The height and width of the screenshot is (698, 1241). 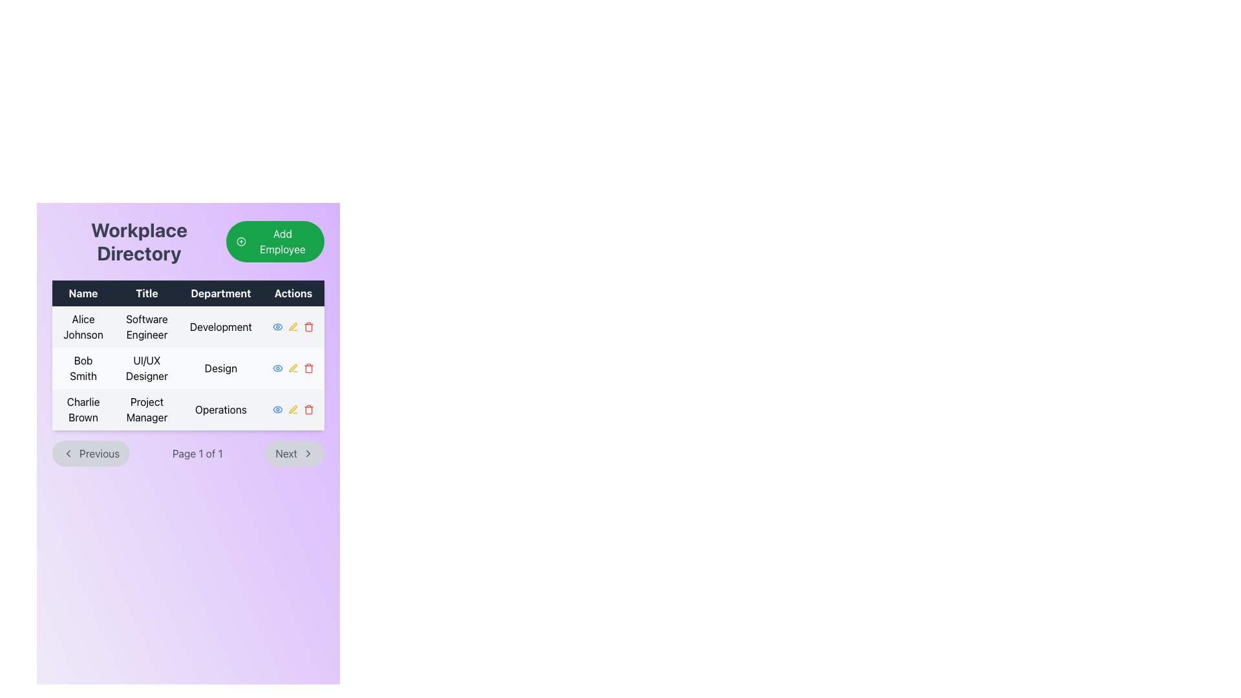 What do you see at coordinates (147, 368) in the screenshot?
I see `the label displaying 'UI/UX Designer', which is the second column in the row for 'Bob Smith' in the table` at bounding box center [147, 368].